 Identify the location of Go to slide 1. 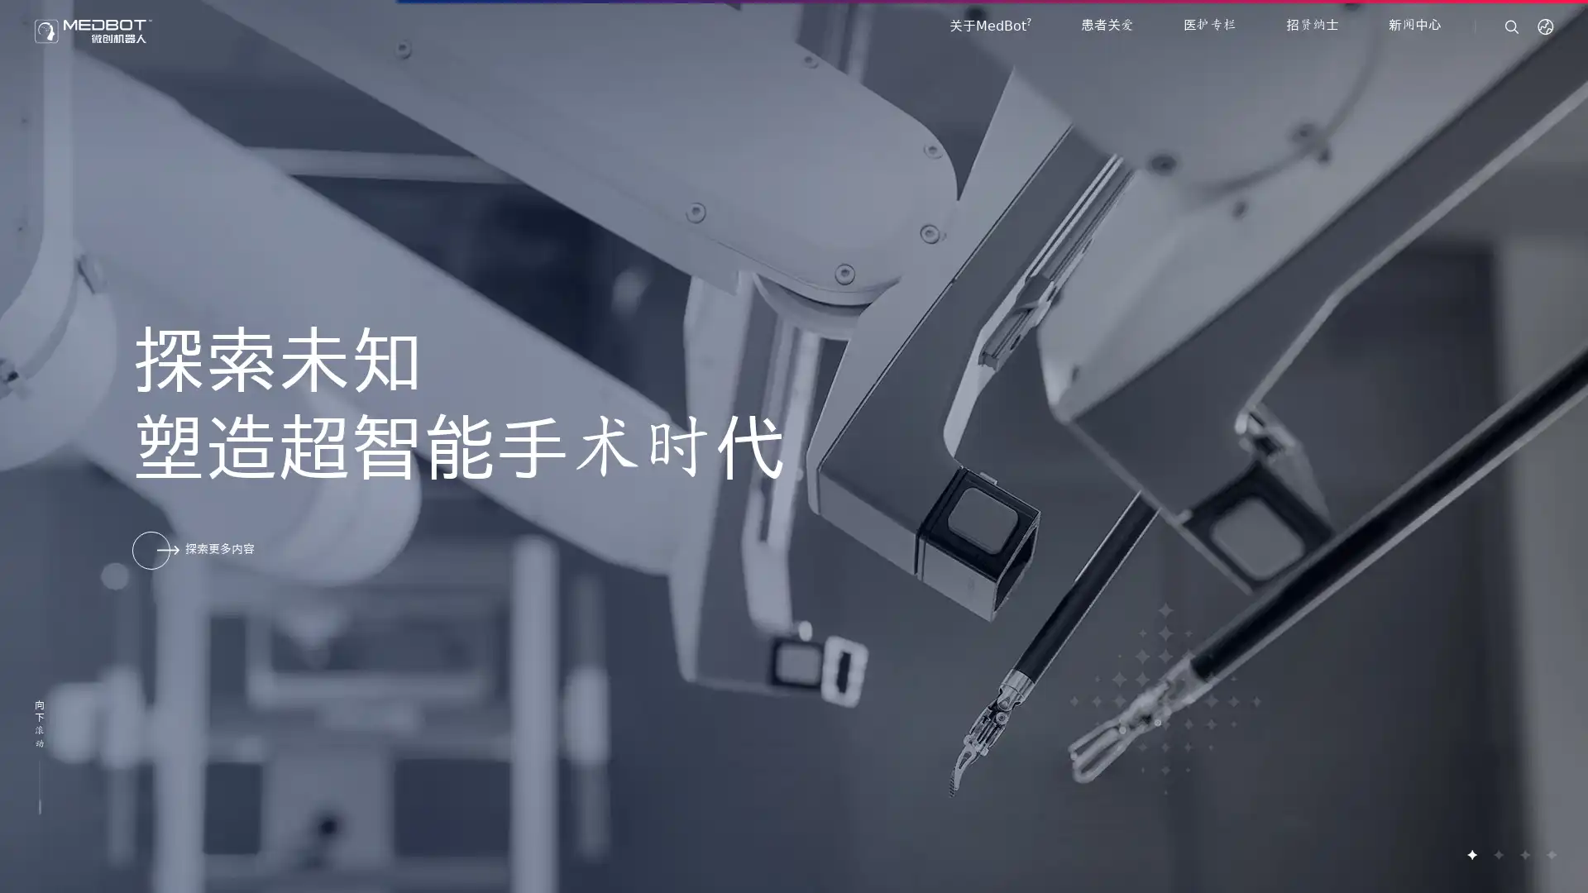
(1471, 854).